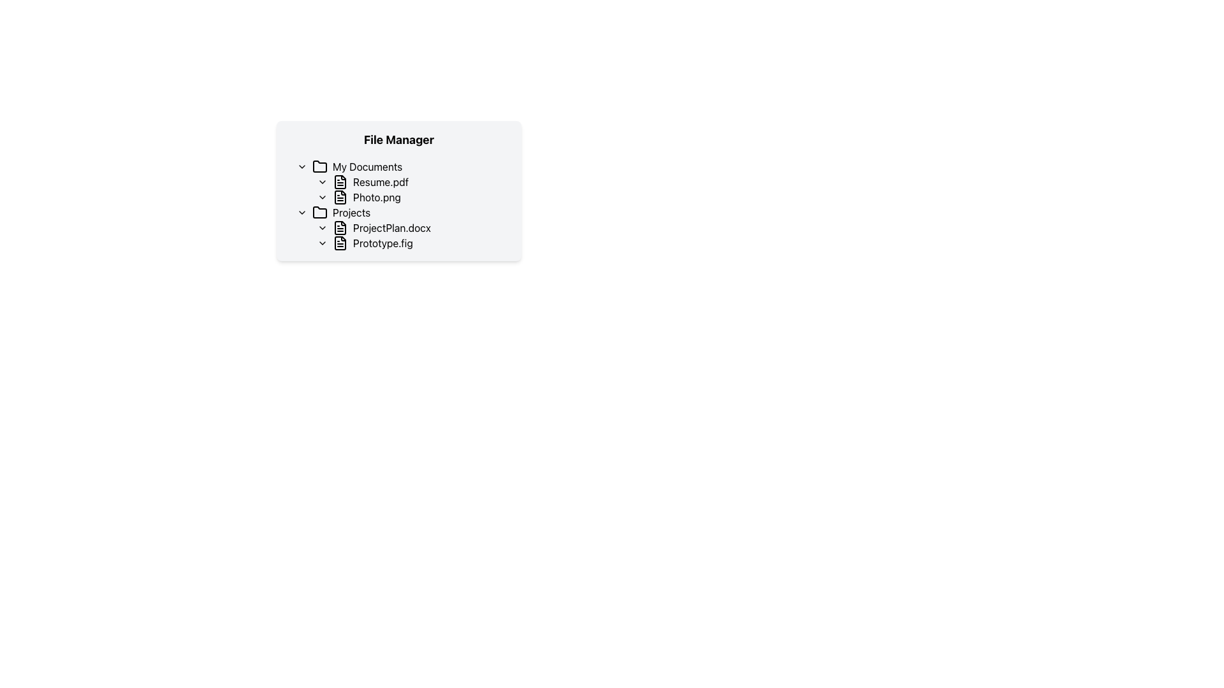 The width and height of the screenshot is (1224, 688). Describe the element at coordinates (366, 197) in the screenshot. I see `the text label indicating the file named 'Photo.png' located in the 'My Documents' folder, positioned under 'Resume.pdf' and above the 'Projects' folder` at that location.